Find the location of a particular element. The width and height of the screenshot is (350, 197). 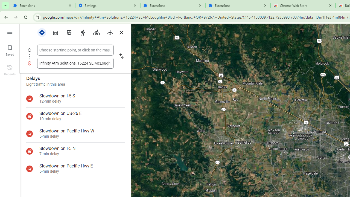

'Menu' is located at coordinates (10, 33).